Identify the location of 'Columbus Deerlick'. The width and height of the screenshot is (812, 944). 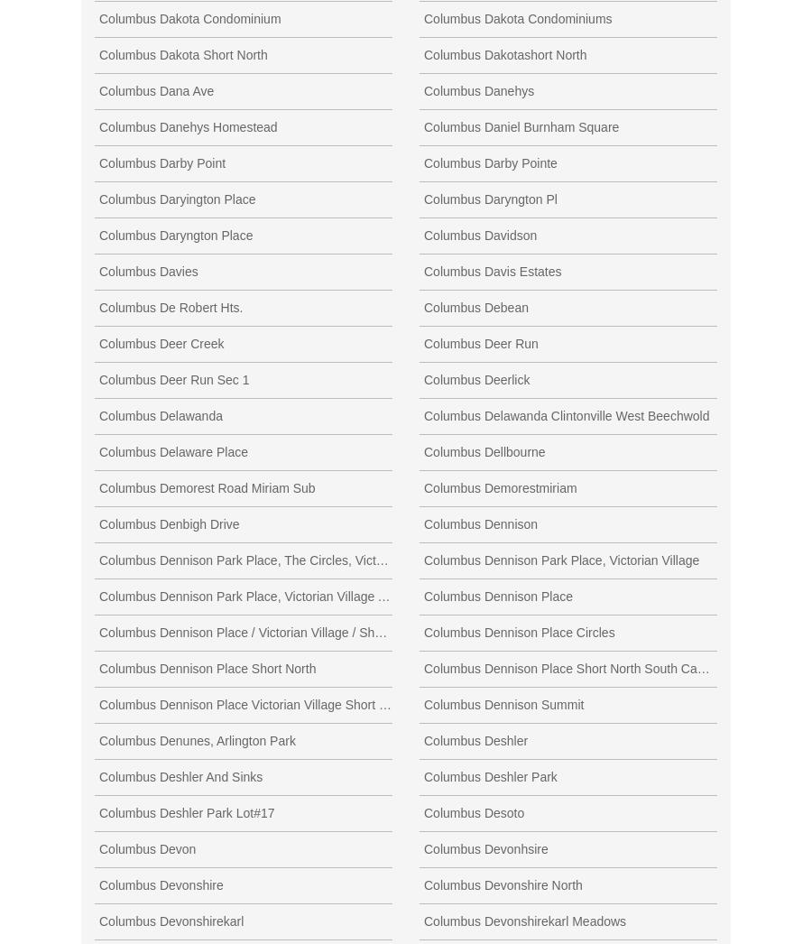
(475, 377).